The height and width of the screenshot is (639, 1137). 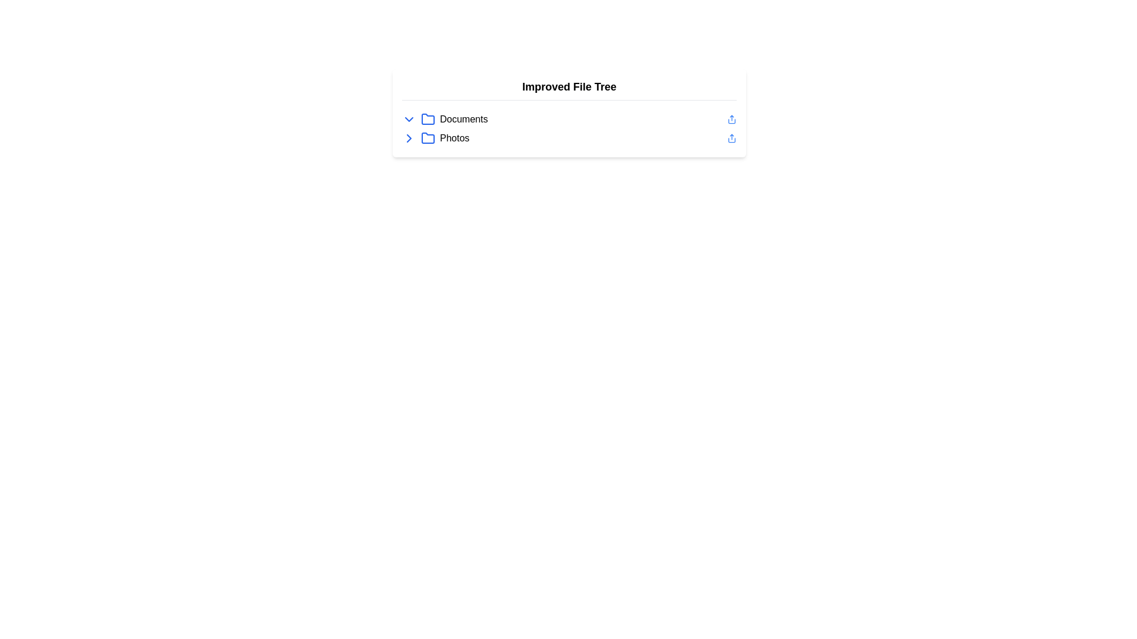 What do you see at coordinates (428, 138) in the screenshot?
I see `the folder icon representing 'Photos' in the file tree` at bounding box center [428, 138].